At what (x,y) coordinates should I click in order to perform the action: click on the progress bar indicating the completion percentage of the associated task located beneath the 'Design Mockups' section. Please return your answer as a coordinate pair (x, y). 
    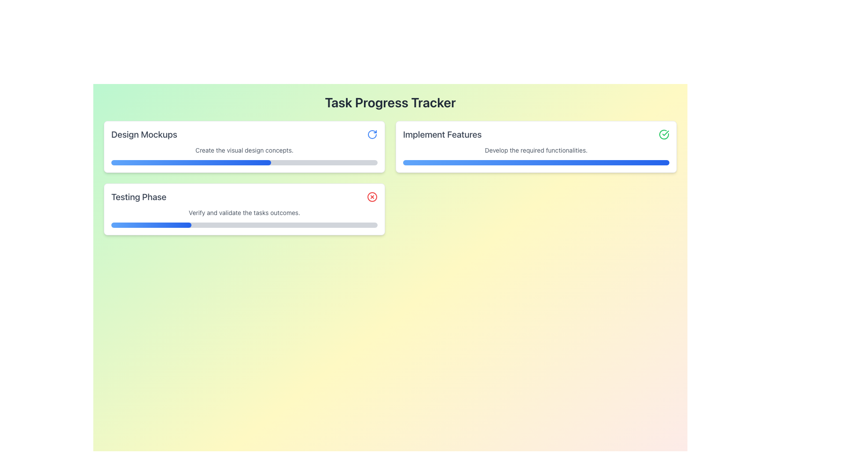
    Looking at the image, I should click on (191, 163).